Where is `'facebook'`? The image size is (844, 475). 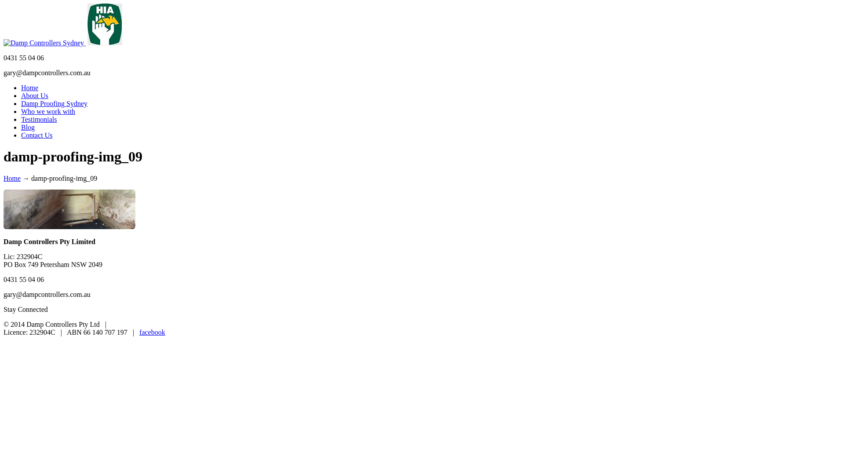 'facebook' is located at coordinates (152, 332).